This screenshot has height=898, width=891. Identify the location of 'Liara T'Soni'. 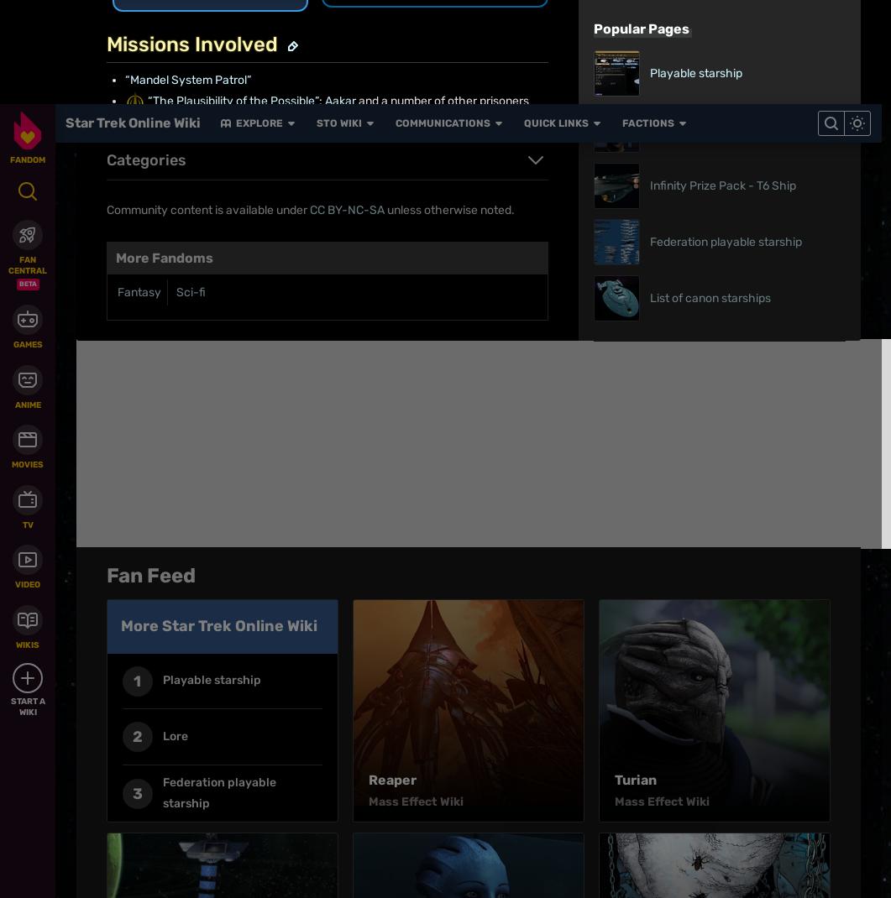
(406, 9).